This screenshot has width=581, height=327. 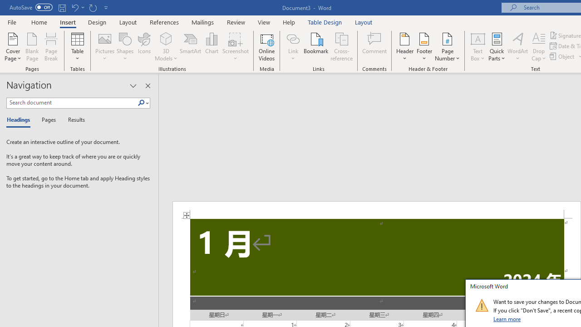 What do you see at coordinates (106, 7) in the screenshot?
I see `'Customize Quick Access Toolbar'` at bounding box center [106, 7].